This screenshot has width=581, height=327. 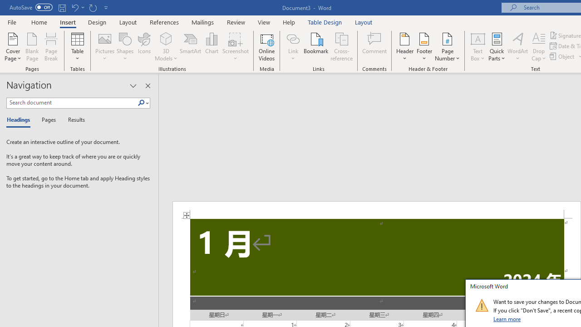 What do you see at coordinates (106, 7) in the screenshot?
I see `'Customize Quick Access Toolbar'` at bounding box center [106, 7].